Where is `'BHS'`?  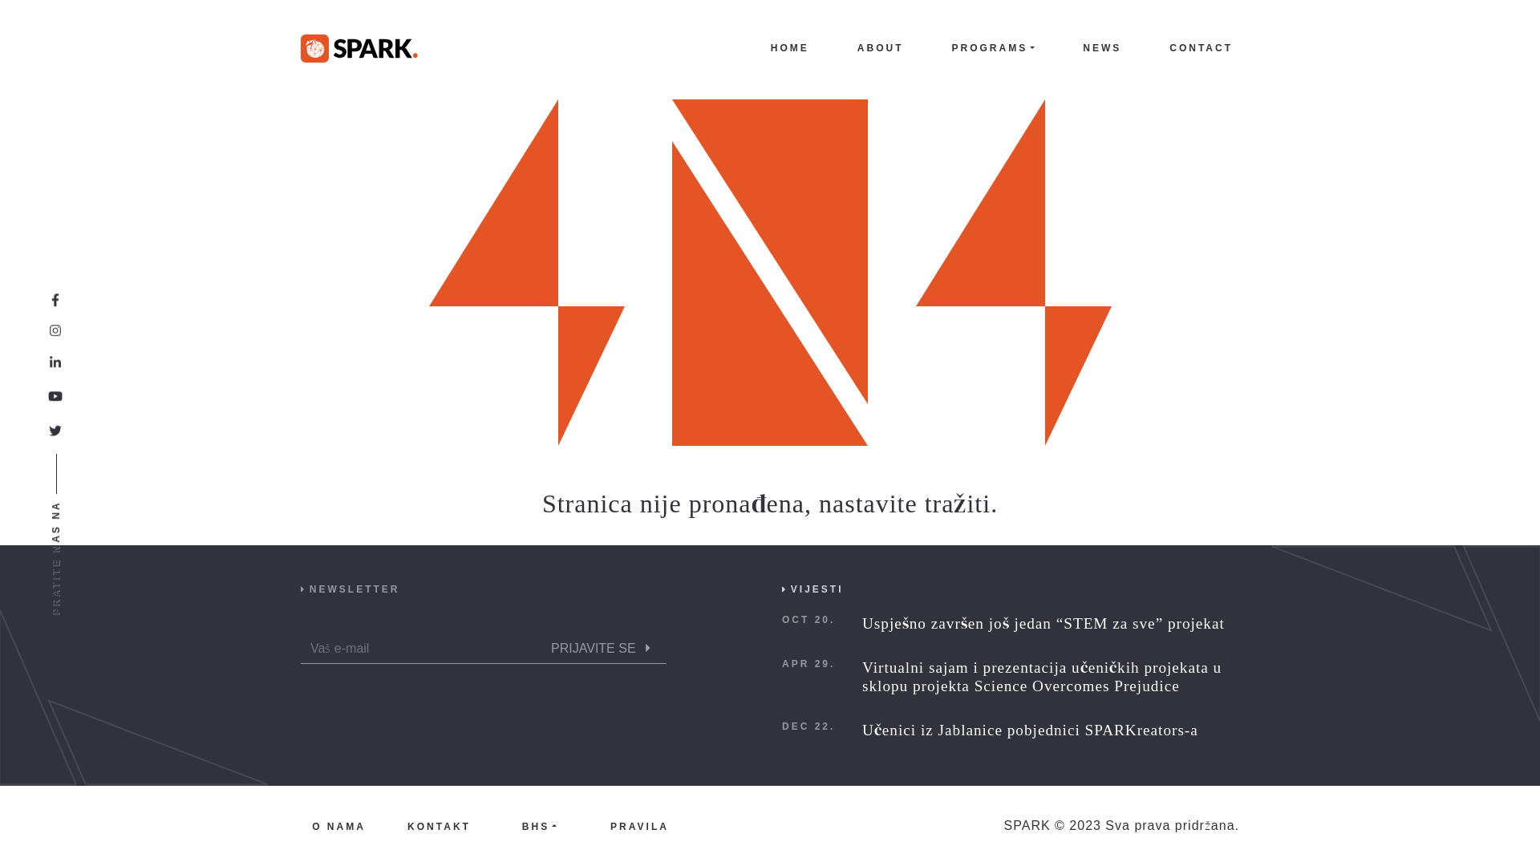
'BHS' is located at coordinates (539, 825).